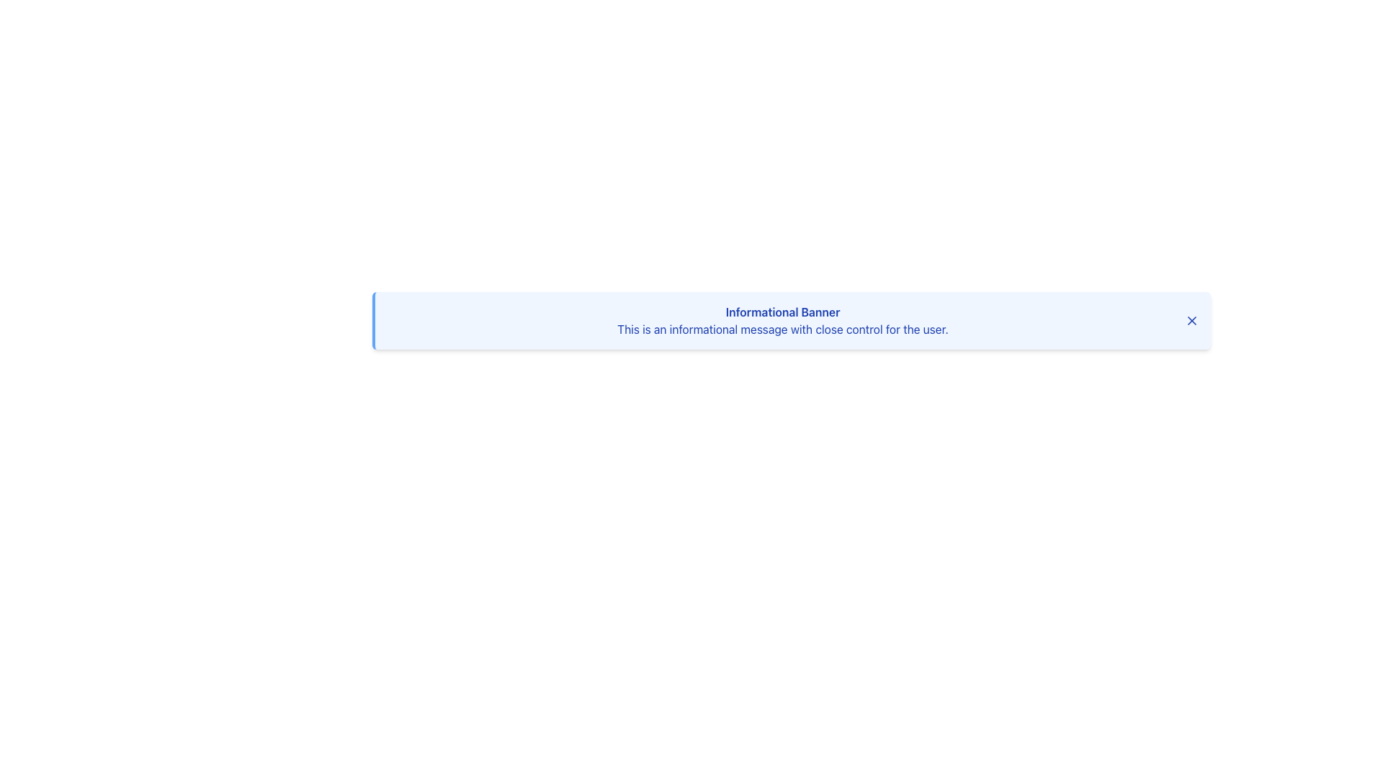  I want to click on the textual message labeled 'This is an informational message with close control for the user.' displayed in blue font within the lower half of the banner design, so click(782, 330).